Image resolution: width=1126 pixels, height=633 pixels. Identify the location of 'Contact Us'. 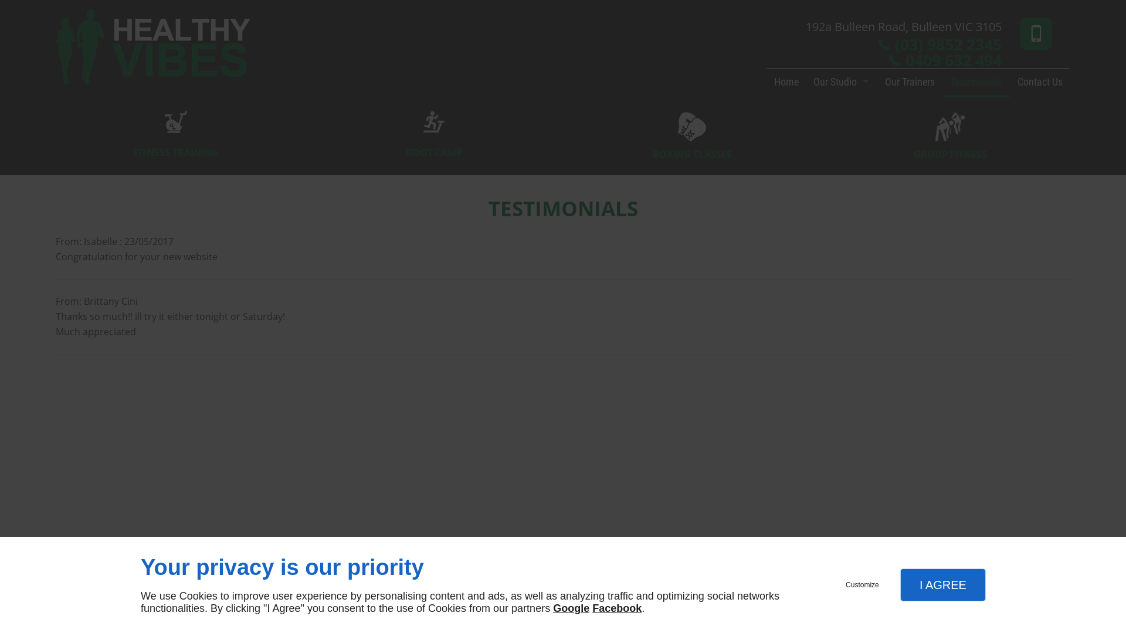
(1009, 82).